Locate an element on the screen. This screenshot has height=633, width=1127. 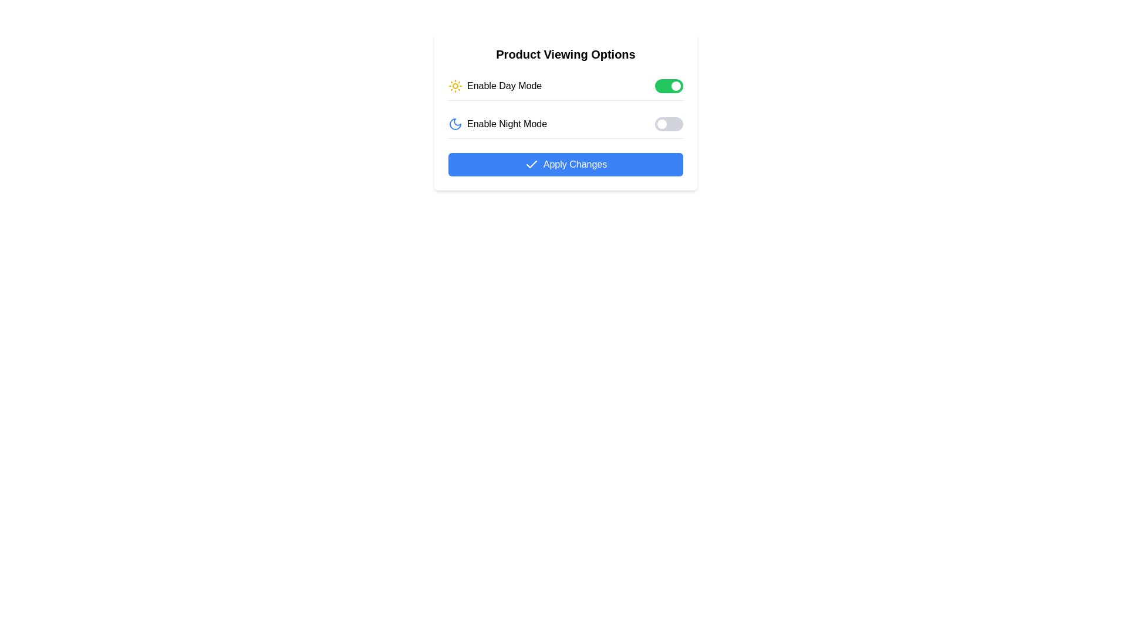
the Text label that describes the action controlled by the associated toggle switch for enabling or disabling night mode, located in the second row of options within the 'Product Viewing Options' section is located at coordinates (507, 124).